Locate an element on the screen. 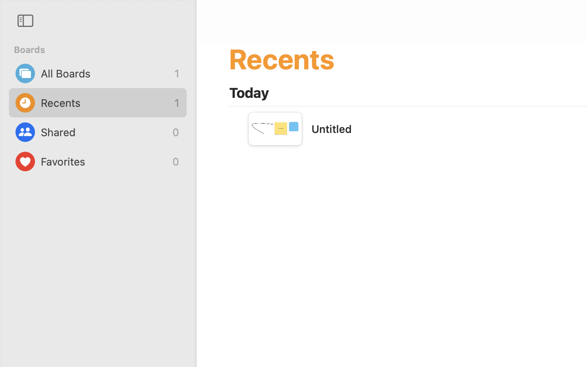  'Untitled' is located at coordinates (331, 128).